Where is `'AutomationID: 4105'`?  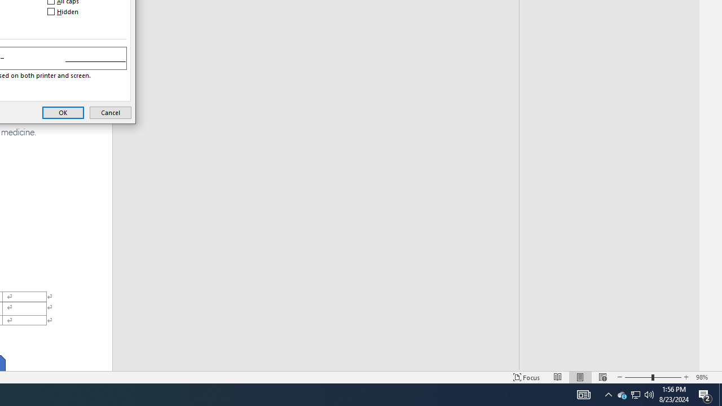
'AutomationID: 4105' is located at coordinates (583, 394).